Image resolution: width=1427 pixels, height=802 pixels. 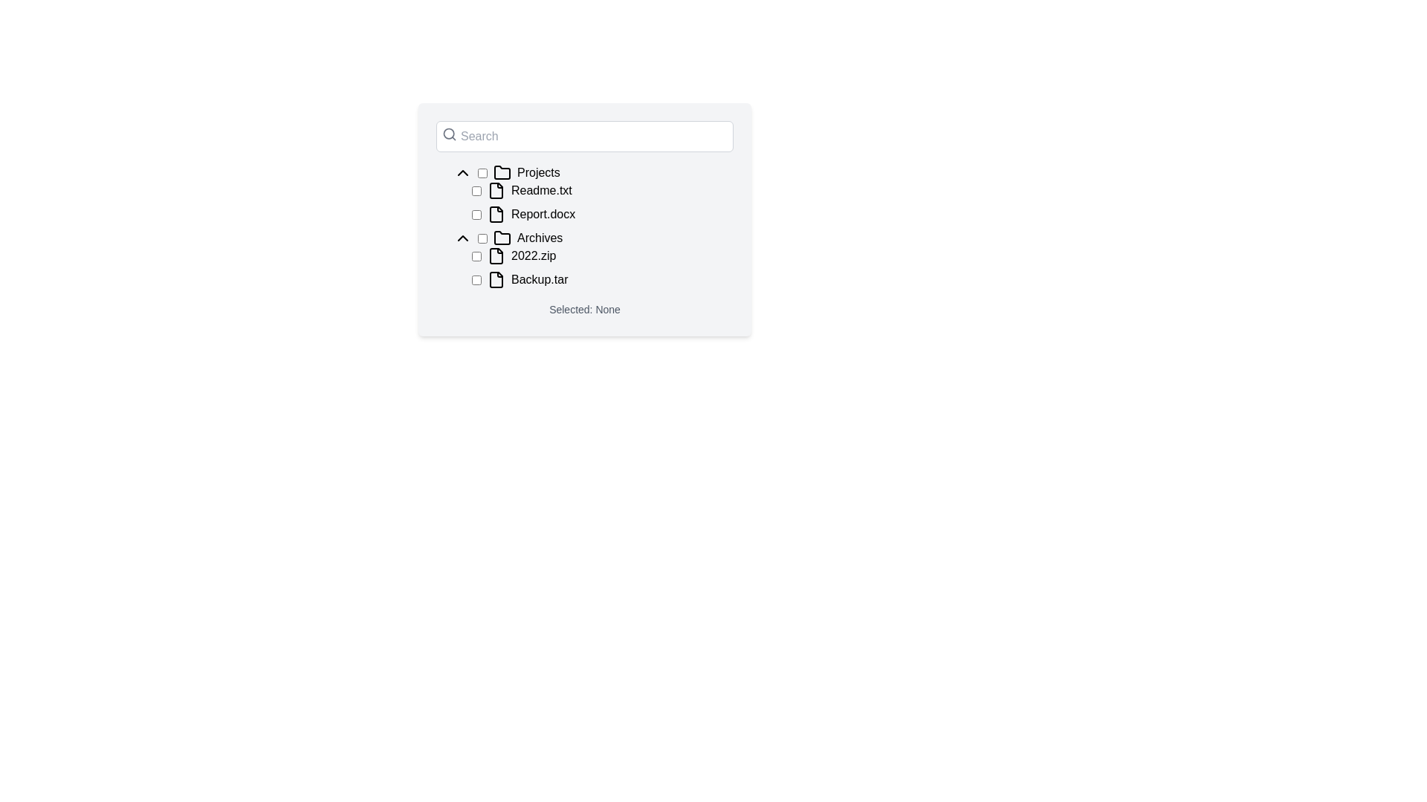 What do you see at coordinates (543, 215) in the screenshot?
I see `the text label displaying the filename 'Report.docx'` at bounding box center [543, 215].